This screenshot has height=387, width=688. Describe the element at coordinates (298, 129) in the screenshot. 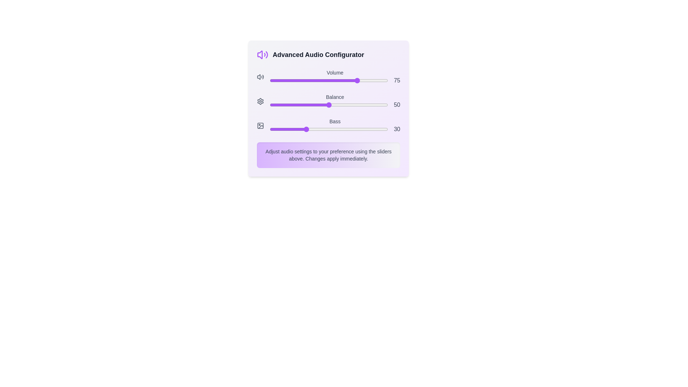

I see `the Bass slider to 24` at that location.